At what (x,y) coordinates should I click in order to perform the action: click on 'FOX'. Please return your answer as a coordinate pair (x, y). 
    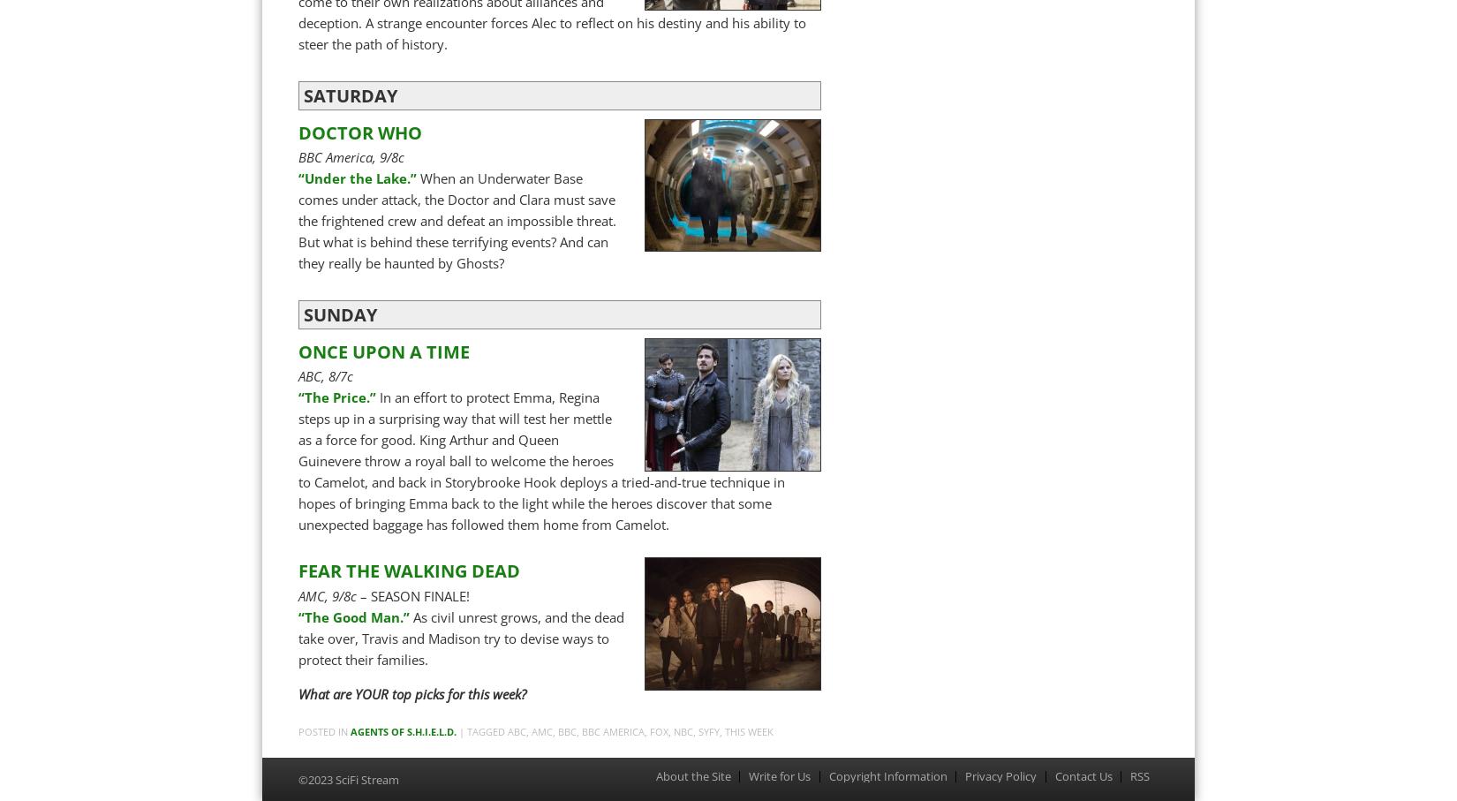
    Looking at the image, I should click on (658, 730).